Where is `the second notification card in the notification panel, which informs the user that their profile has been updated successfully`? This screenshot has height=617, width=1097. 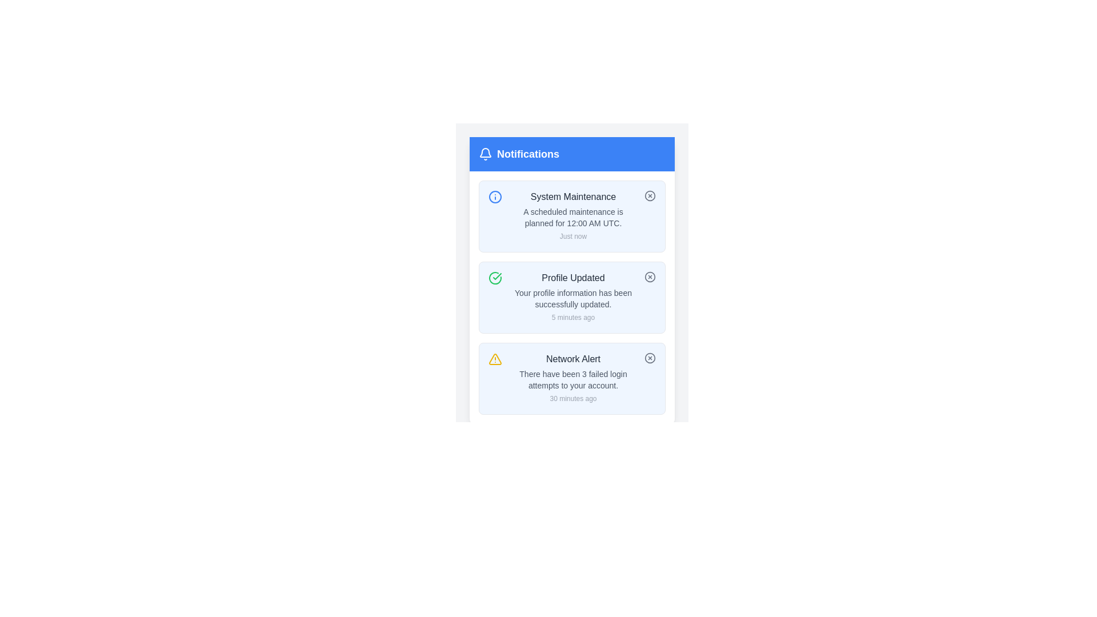
the second notification card in the notification panel, which informs the user that their profile has been updated successfully is located at coordinates (572, 297).